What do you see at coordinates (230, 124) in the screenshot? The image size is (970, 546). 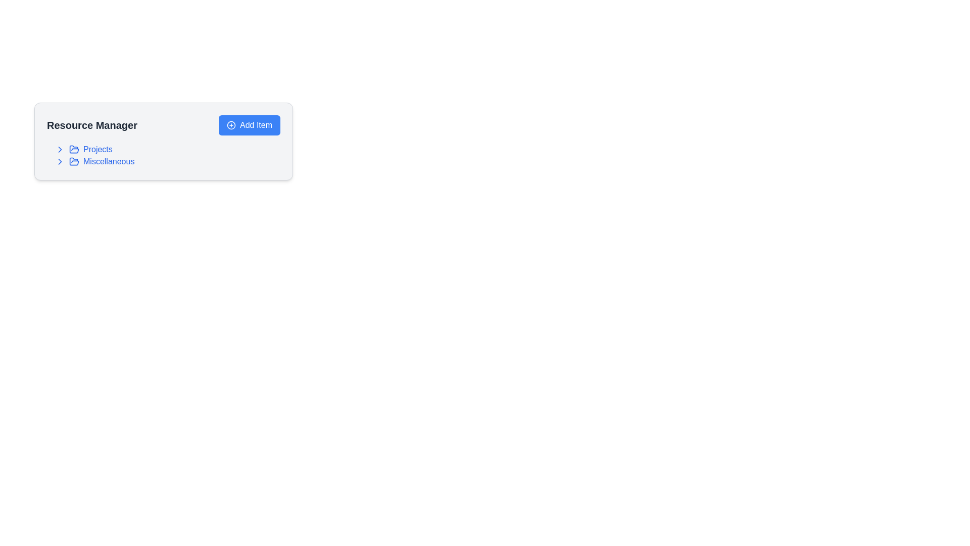 I see `SVG circle element that represents the outer border of the plus-circle icon in the 'Add Item' button located in the top-right section of the 'Resource Manager' card using developer tools` at bounding box center [230, 124].